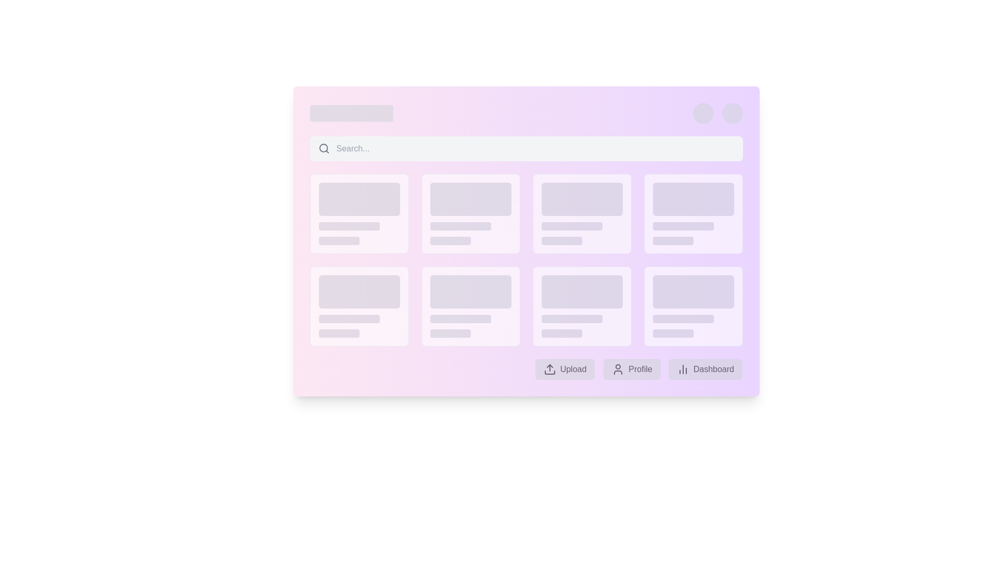  What do you see at coordinates (683, 368) in the screenshot?
I see `the 'Dashboard' button, which is visually represented by an icon located to the left of its text label` at bounding box center [683, 368].